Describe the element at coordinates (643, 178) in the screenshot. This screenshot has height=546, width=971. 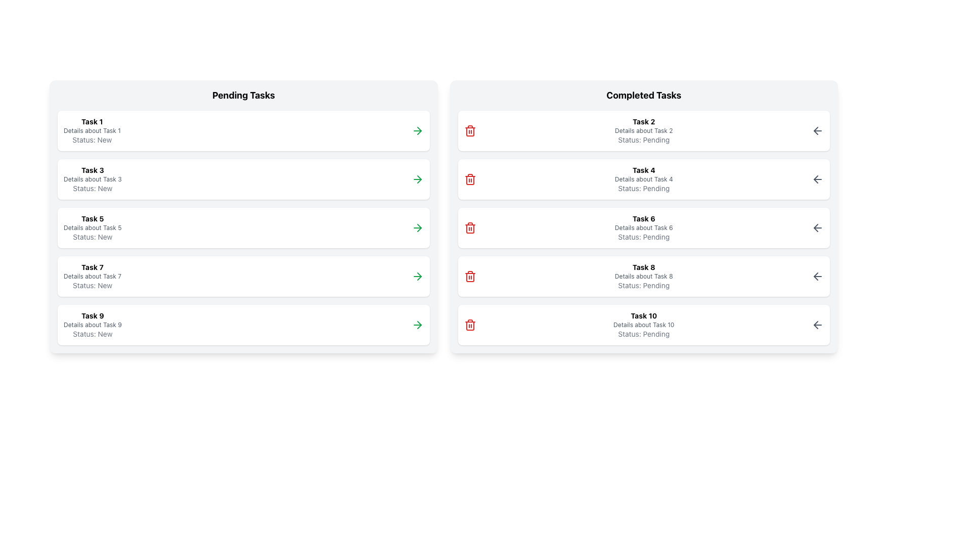
I see `the second task item in the 'Completed Tasks' section` at that location.